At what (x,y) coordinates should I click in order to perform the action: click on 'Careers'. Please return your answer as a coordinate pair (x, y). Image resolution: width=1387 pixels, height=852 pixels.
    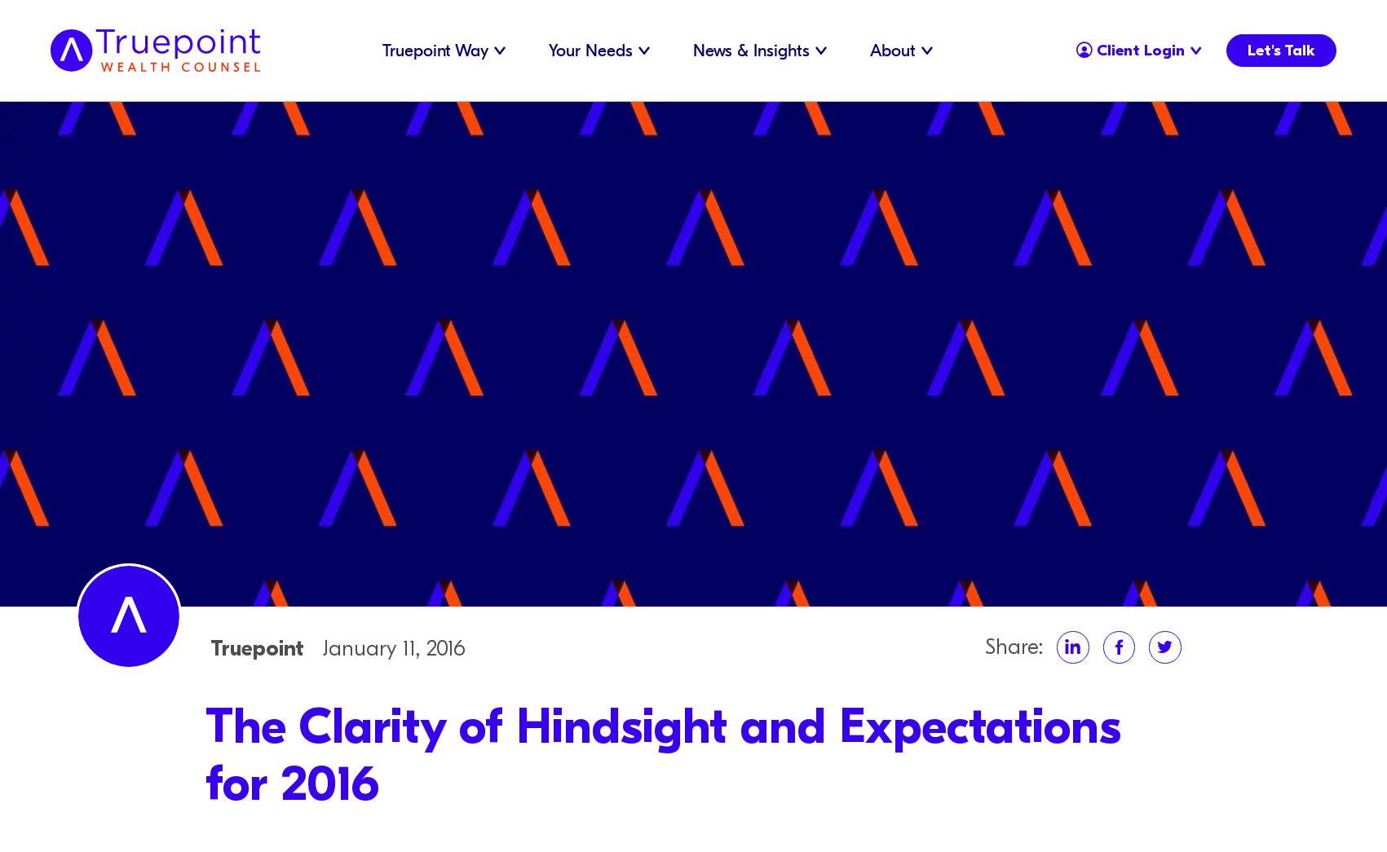
    Looking at the image, I should click on (827, 68).